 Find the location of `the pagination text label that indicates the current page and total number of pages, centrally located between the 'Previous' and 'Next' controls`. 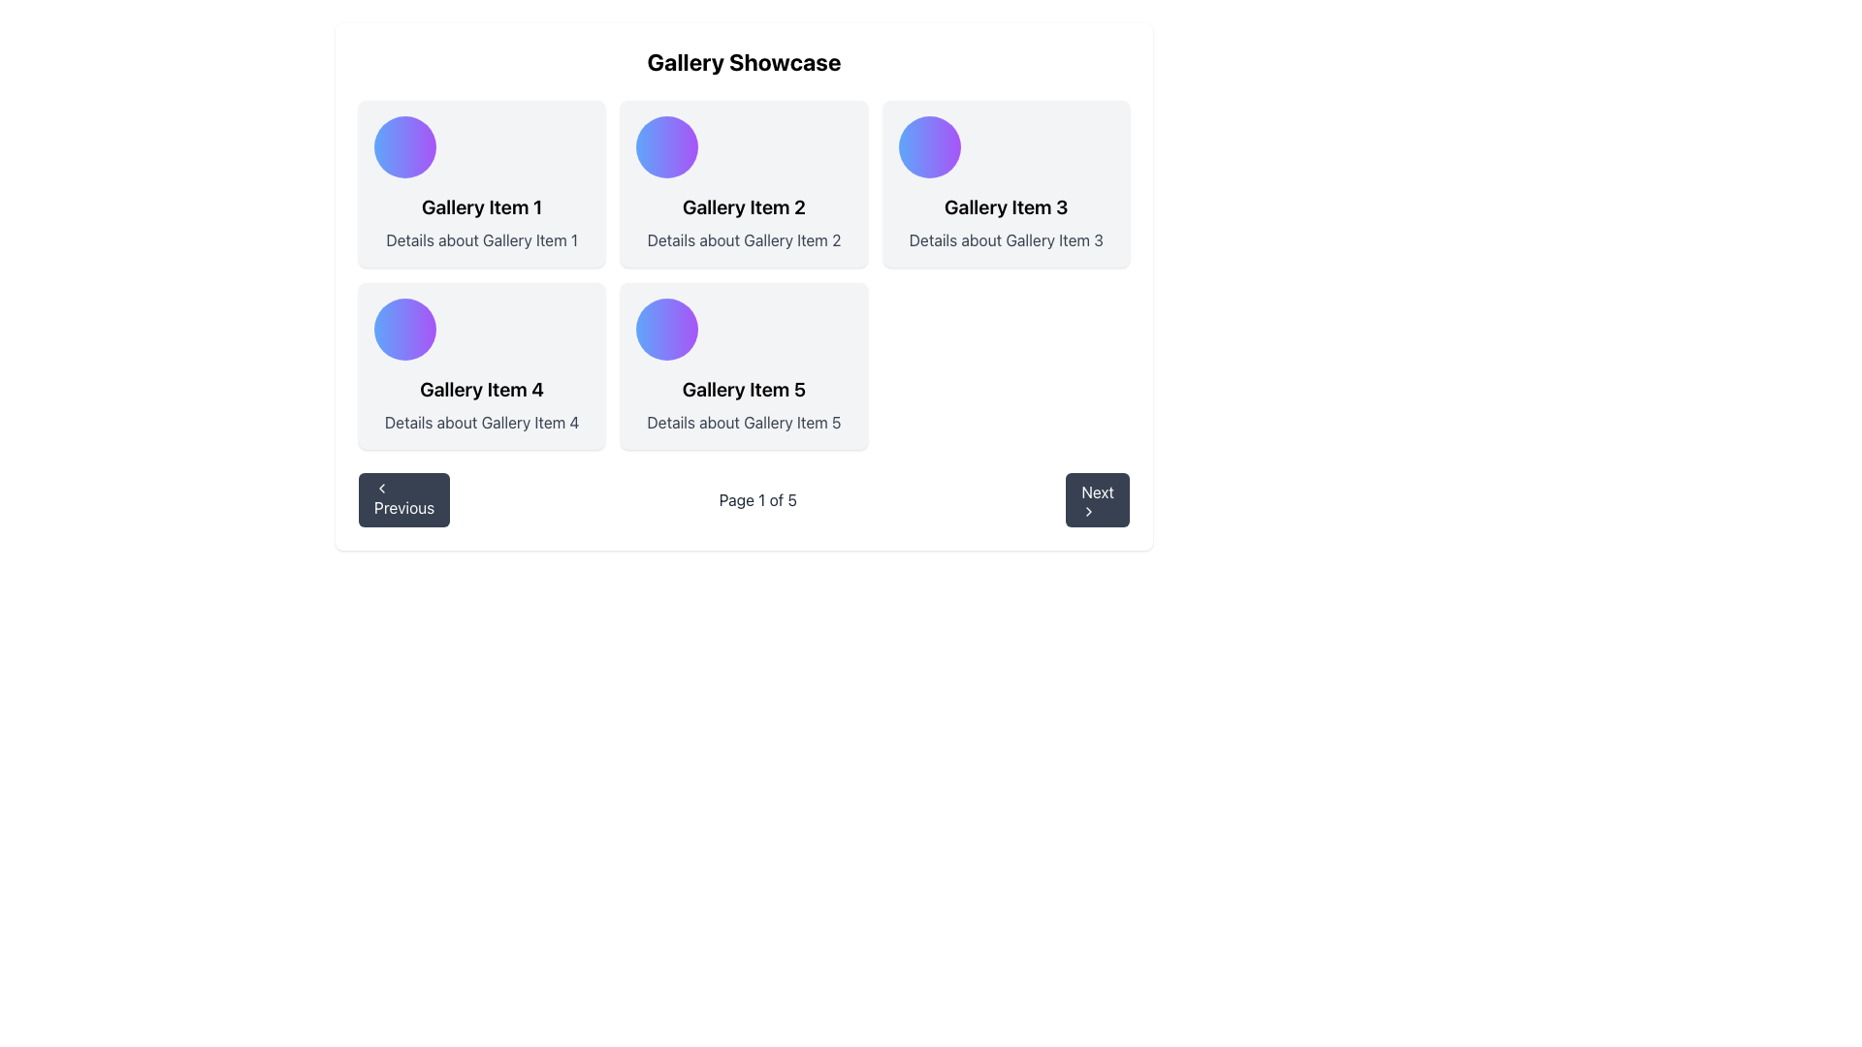

the pagination text label that indicates the current page and total number of pages, centrally located between the 'Previous' and 'Next' controls is located at coordinates (756, 499).